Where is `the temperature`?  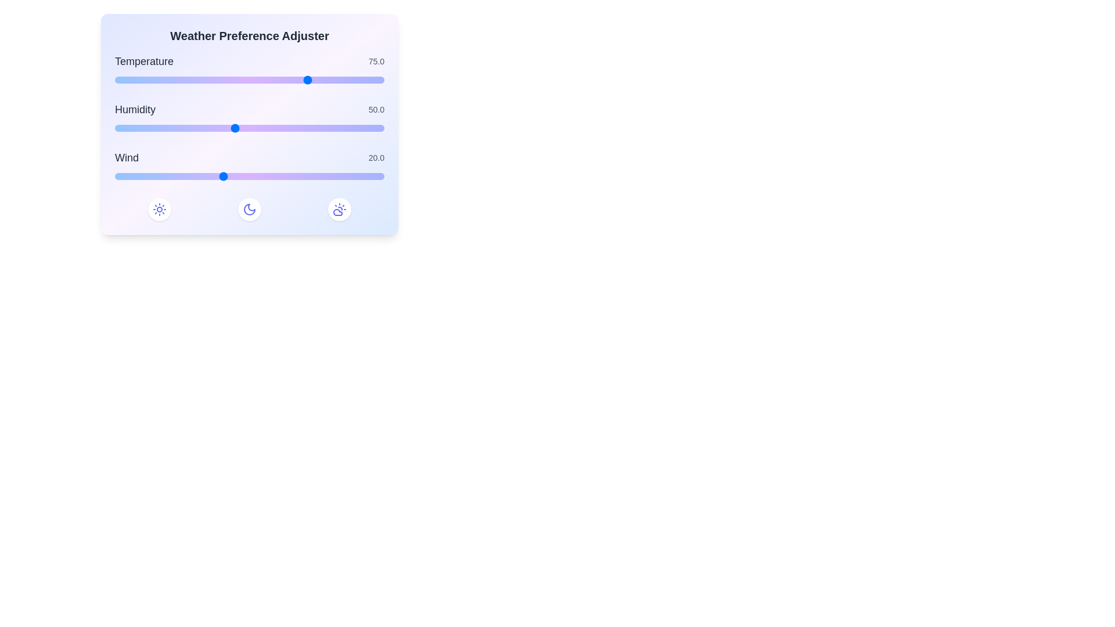
the temperature is located at coordinates (214, 80).